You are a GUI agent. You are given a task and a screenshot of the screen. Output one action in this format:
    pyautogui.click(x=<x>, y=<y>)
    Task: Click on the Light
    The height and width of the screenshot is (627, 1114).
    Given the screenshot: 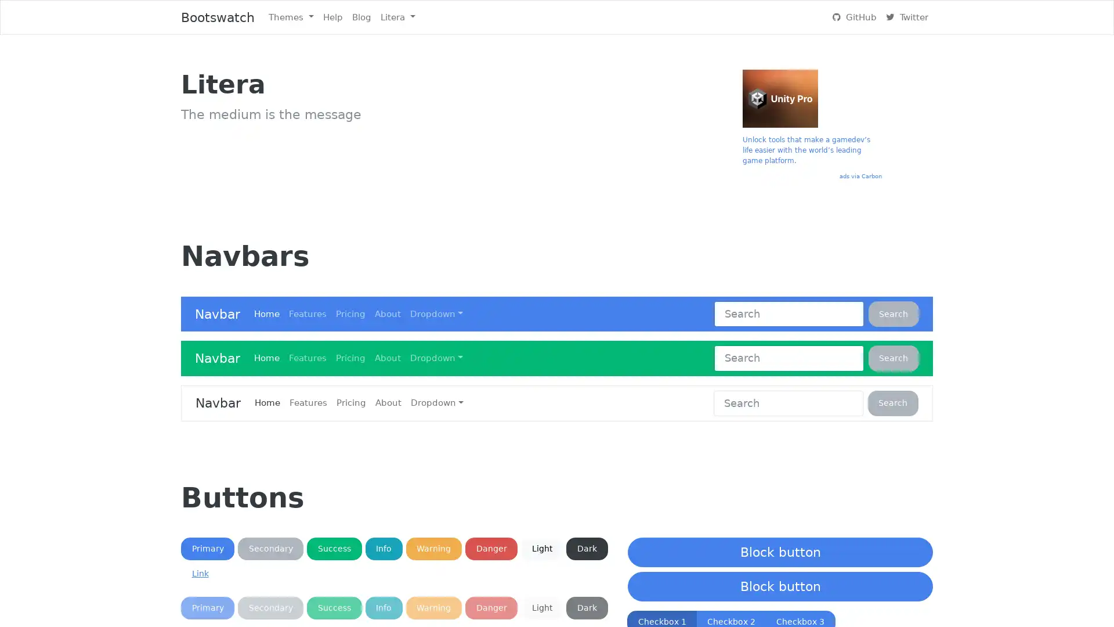 What is the action you would take?
    pyautogui.click(x=541, y=607)
    